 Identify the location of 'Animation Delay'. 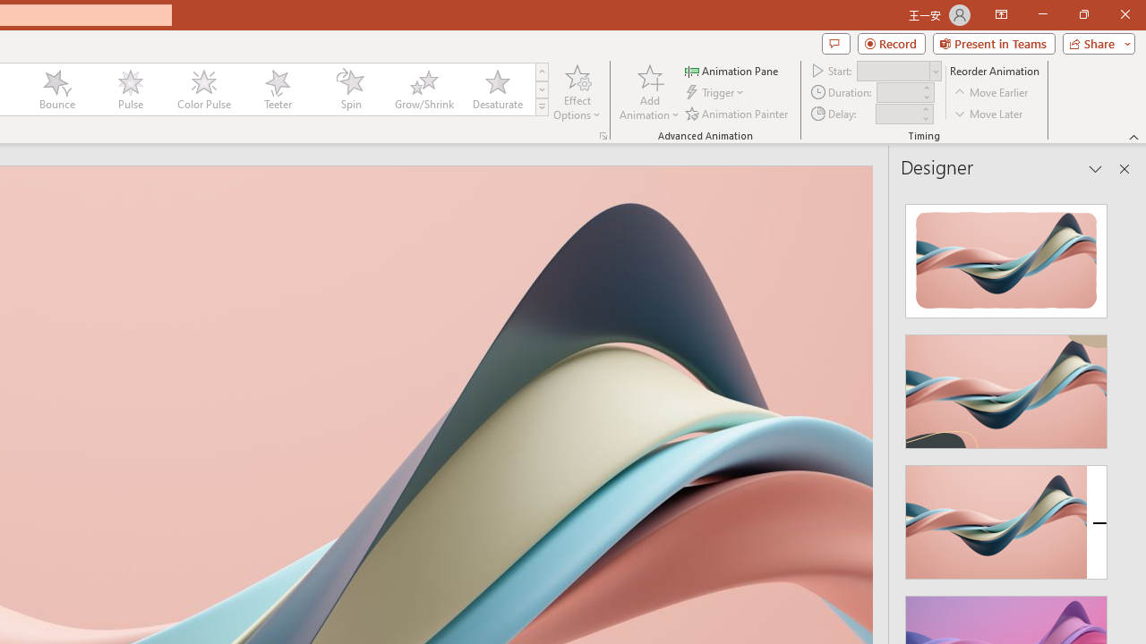
(897, 114).